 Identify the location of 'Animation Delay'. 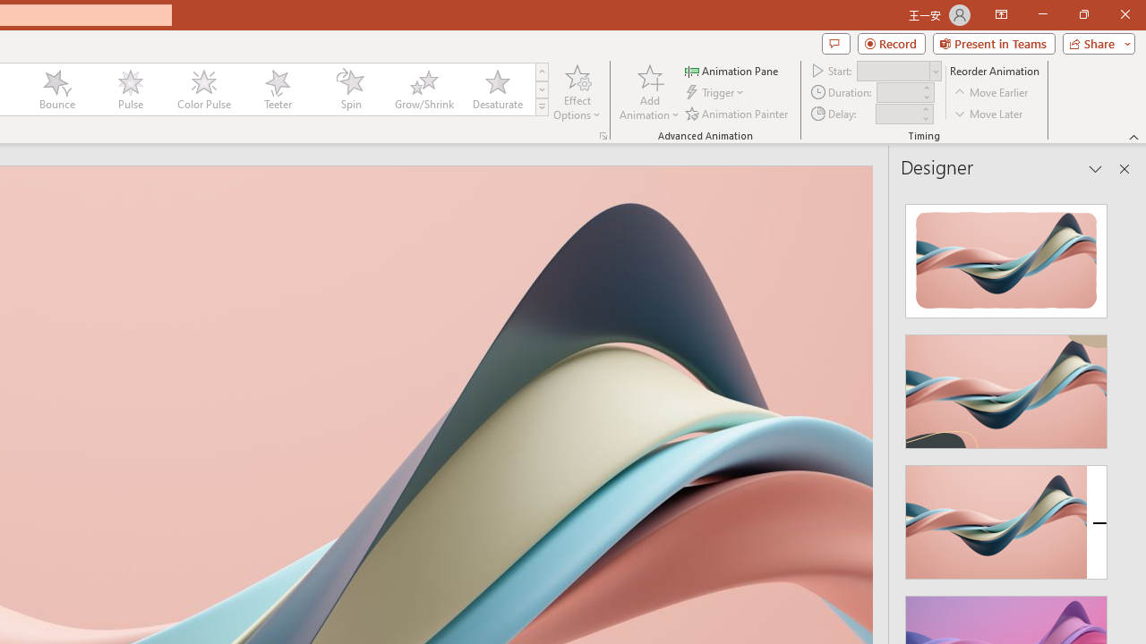
(897, 114).